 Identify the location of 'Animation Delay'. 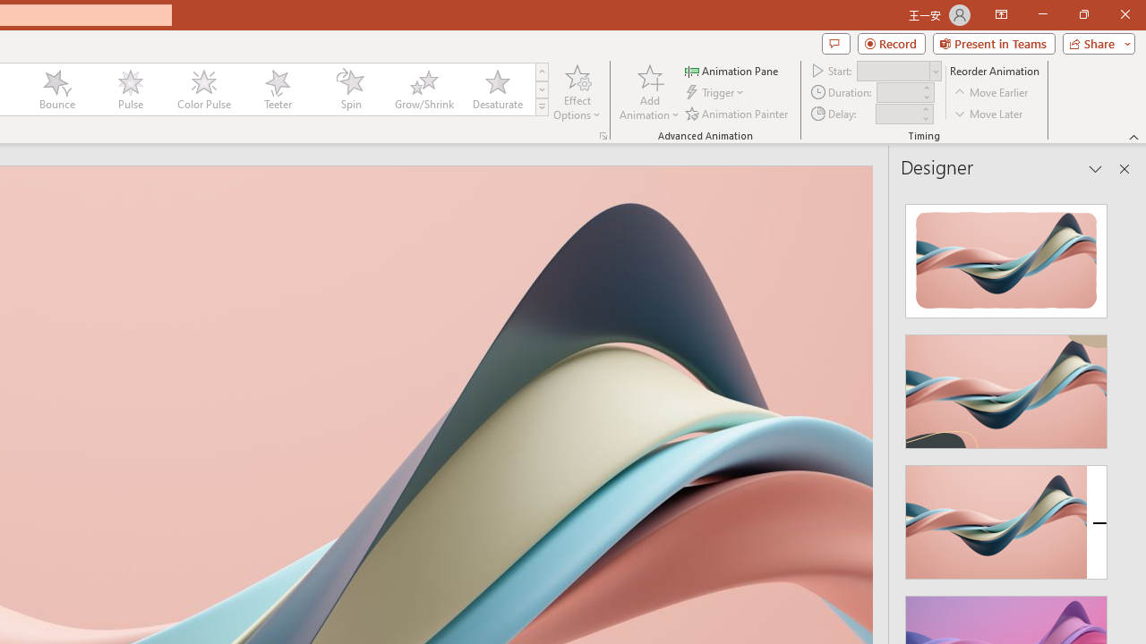
(897, 114).